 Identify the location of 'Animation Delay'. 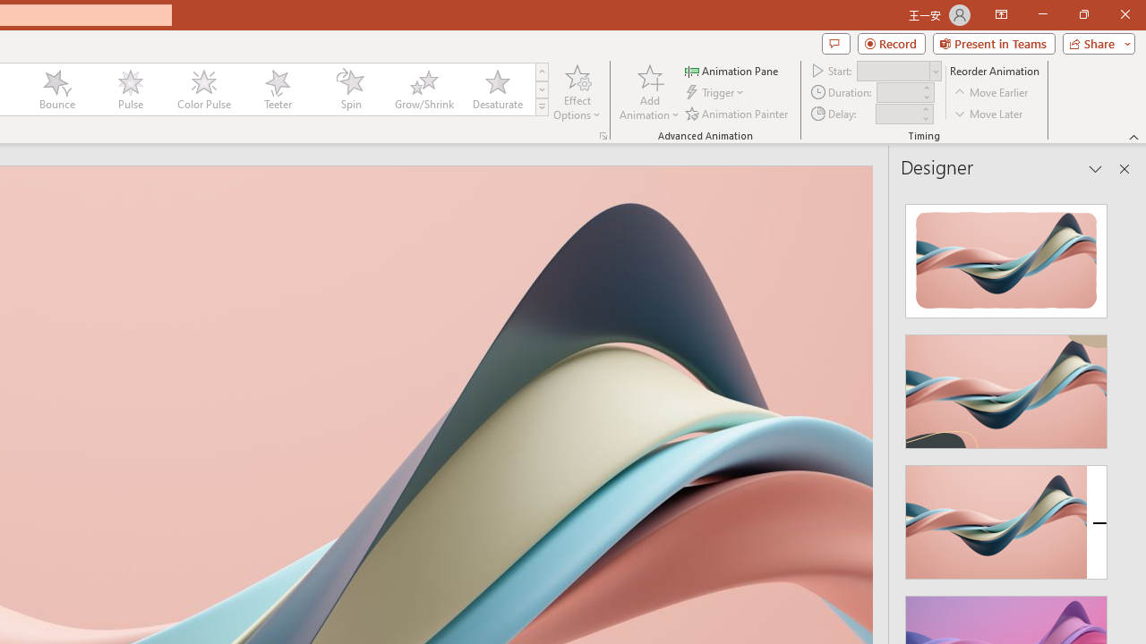
(897, 114).